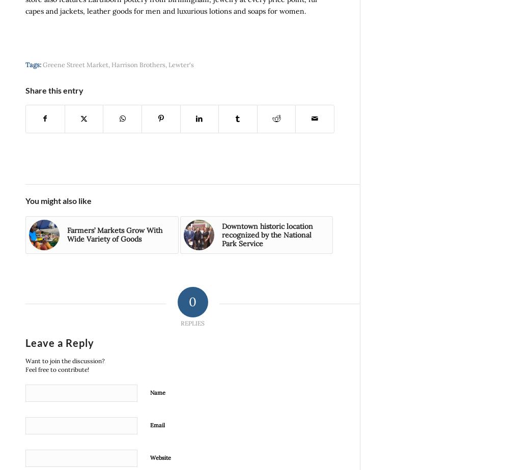 This screenshot has width=509, height=470. Describe the element at coordinates (54, 90) in the screenshot. I see `'Share this entry'` at that location.